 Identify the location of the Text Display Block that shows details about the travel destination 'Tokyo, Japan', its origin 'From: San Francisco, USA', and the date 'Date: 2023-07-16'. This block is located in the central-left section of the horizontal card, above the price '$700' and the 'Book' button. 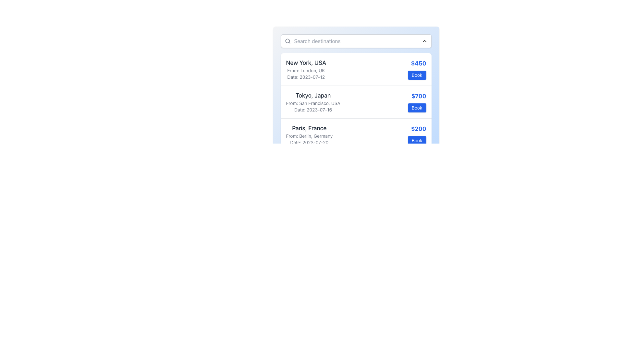
(313, 102).